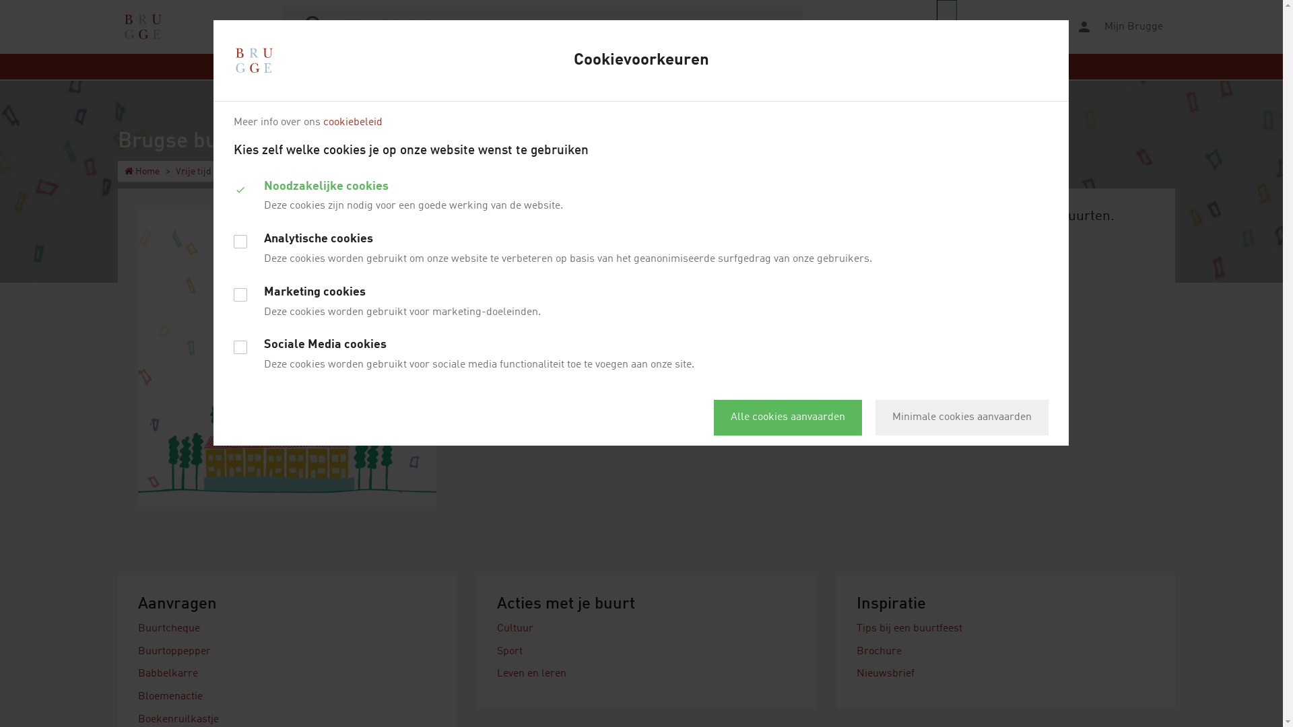 The image size is (1293, 727). What do you see at coordinates (193, 170) in the screenshot?
I see `'Vrije tijd'` at bounding box center [193, 170].